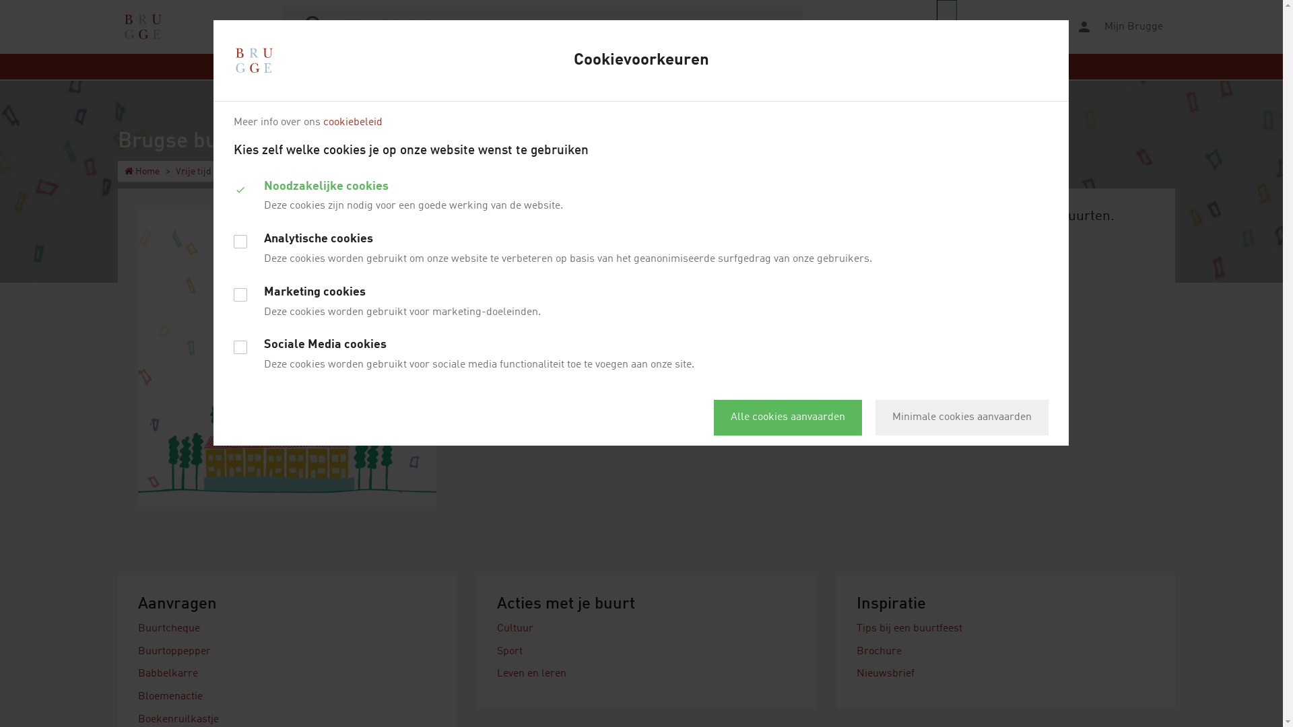 The image size is (1293, 727). What do you see at coordinates (193, 170) in the screenshot?
I see `'Vrije tijd'` at bounding box center [193, 170].